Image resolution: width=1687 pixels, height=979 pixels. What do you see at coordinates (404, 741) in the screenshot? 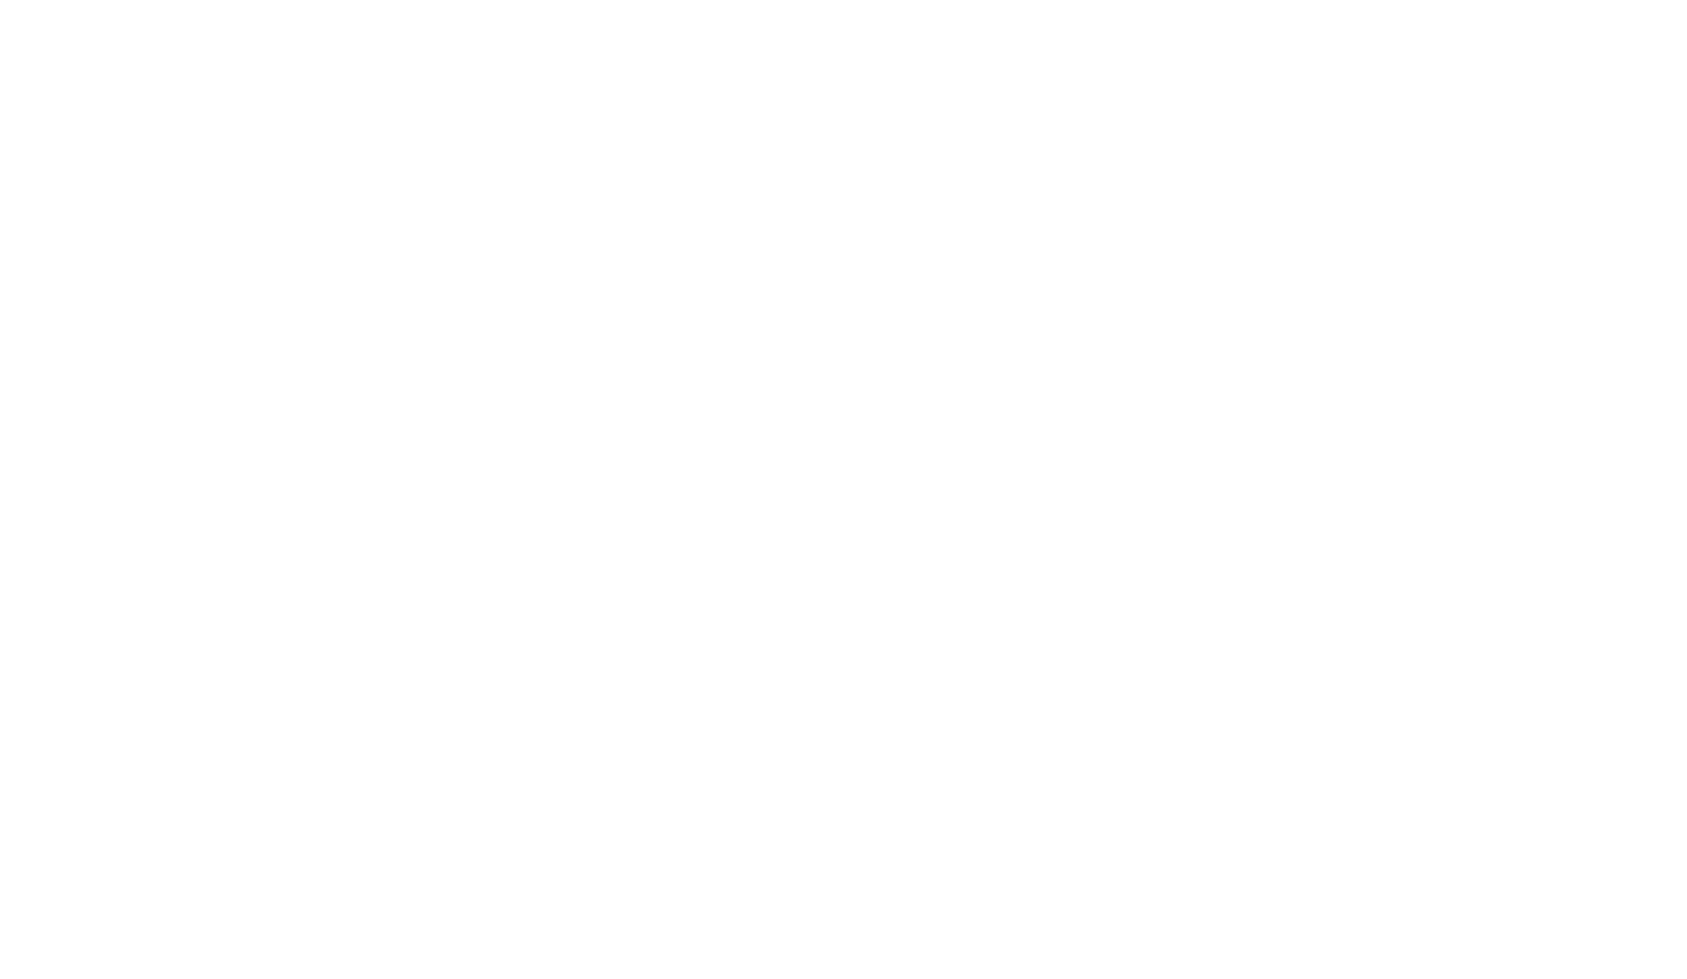
I see `'Spotted par Smilynn'` at bounding box center [404, 741].